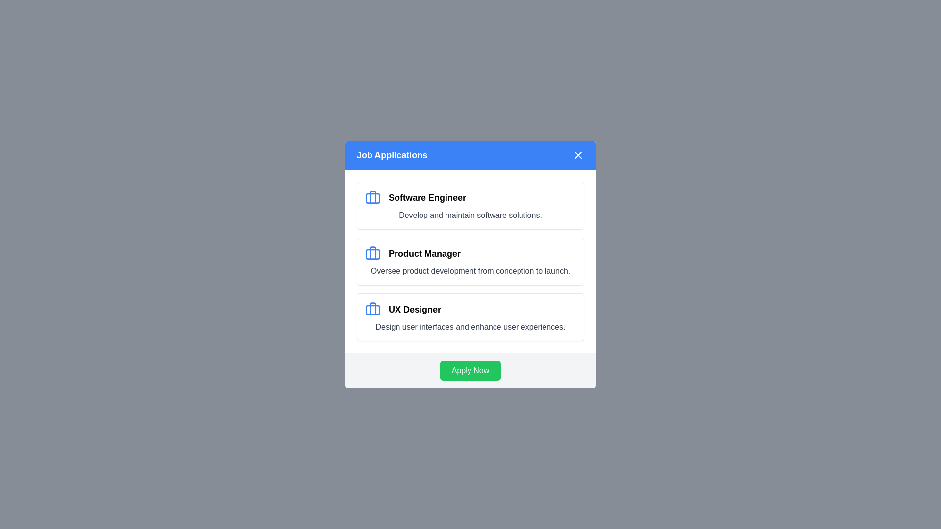 The image size is (941, 529). What do you see at coordinates (578, 154) in the screenshot?
I see `the close button located in the top-right corner of the 'Job Applications' modal` at bounding box center [578, 154].